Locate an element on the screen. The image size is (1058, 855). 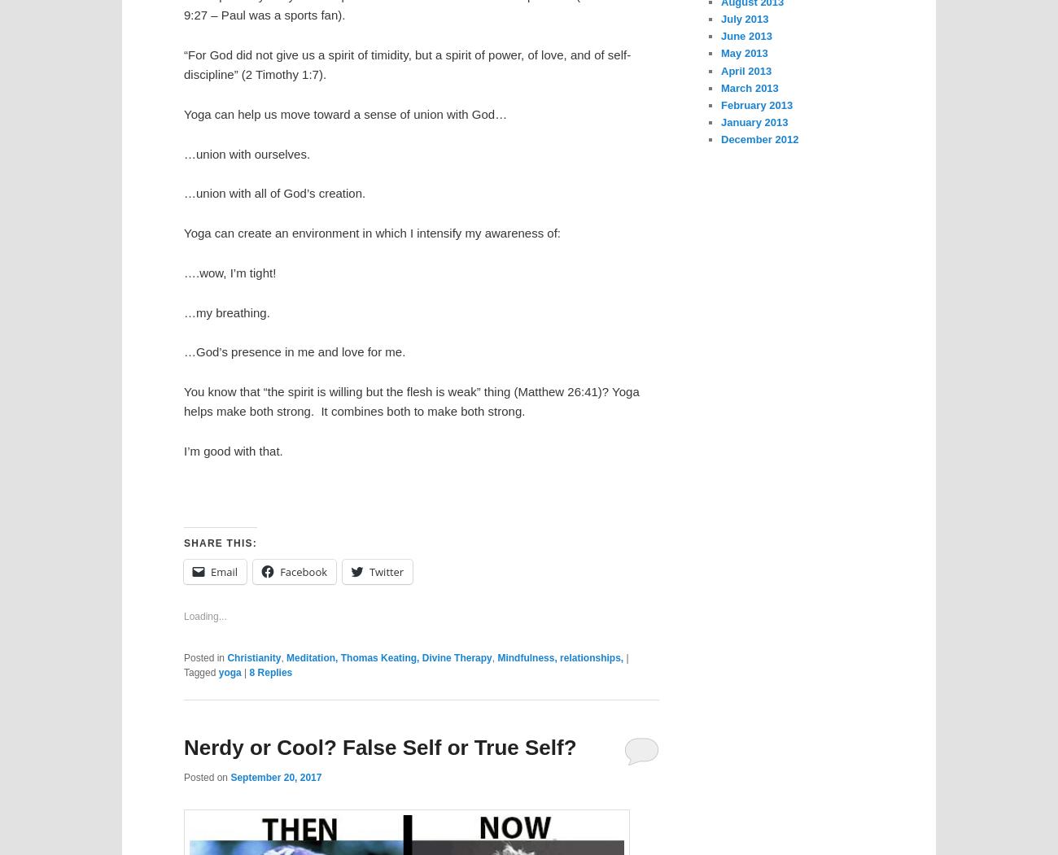
'Loading...' is located at coordinates (203, 616).